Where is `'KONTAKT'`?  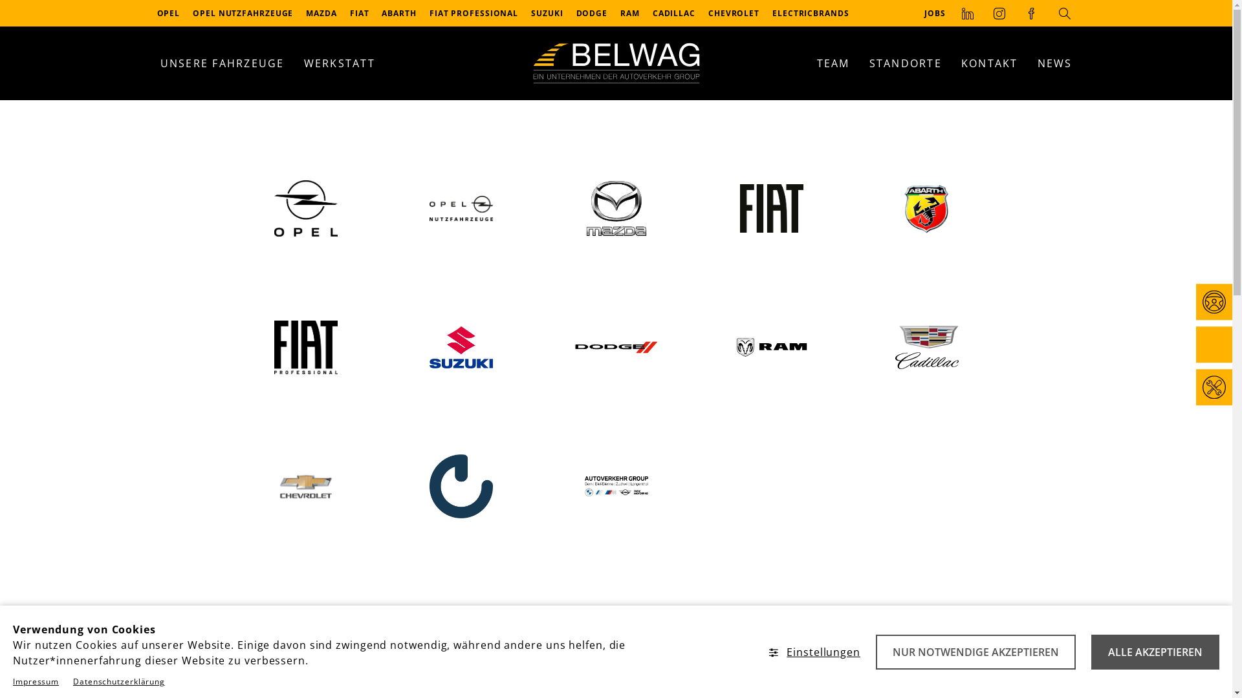
'KONTAKT' is located at coordinates (989, 63).